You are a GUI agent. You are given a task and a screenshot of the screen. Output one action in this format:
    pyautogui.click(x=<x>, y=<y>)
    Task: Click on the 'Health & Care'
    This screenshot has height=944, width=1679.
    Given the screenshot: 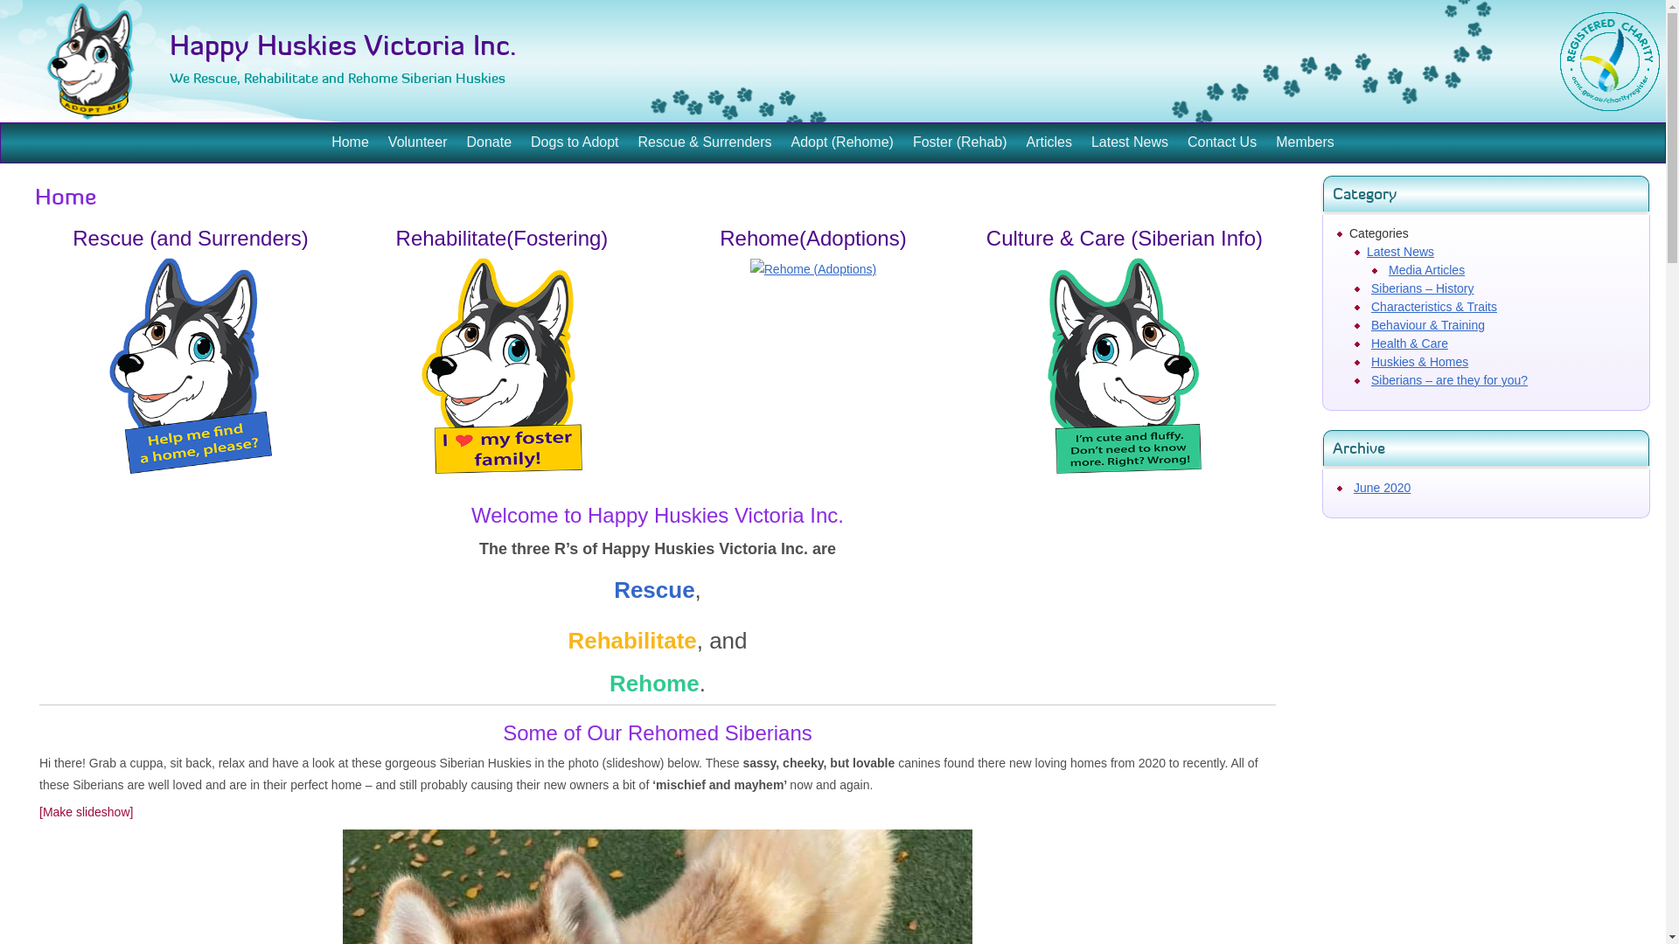 What is the action you would take?
    pyautogui.click(x=1410, y=344)
    